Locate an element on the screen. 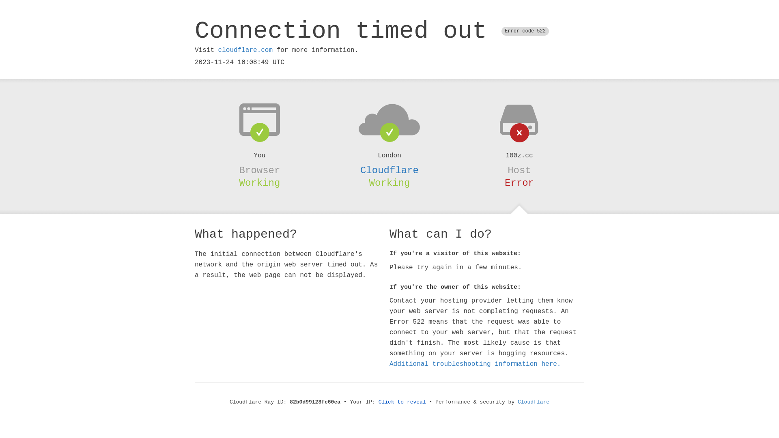  'Cloudflare' is located at coordinates (534, 402).